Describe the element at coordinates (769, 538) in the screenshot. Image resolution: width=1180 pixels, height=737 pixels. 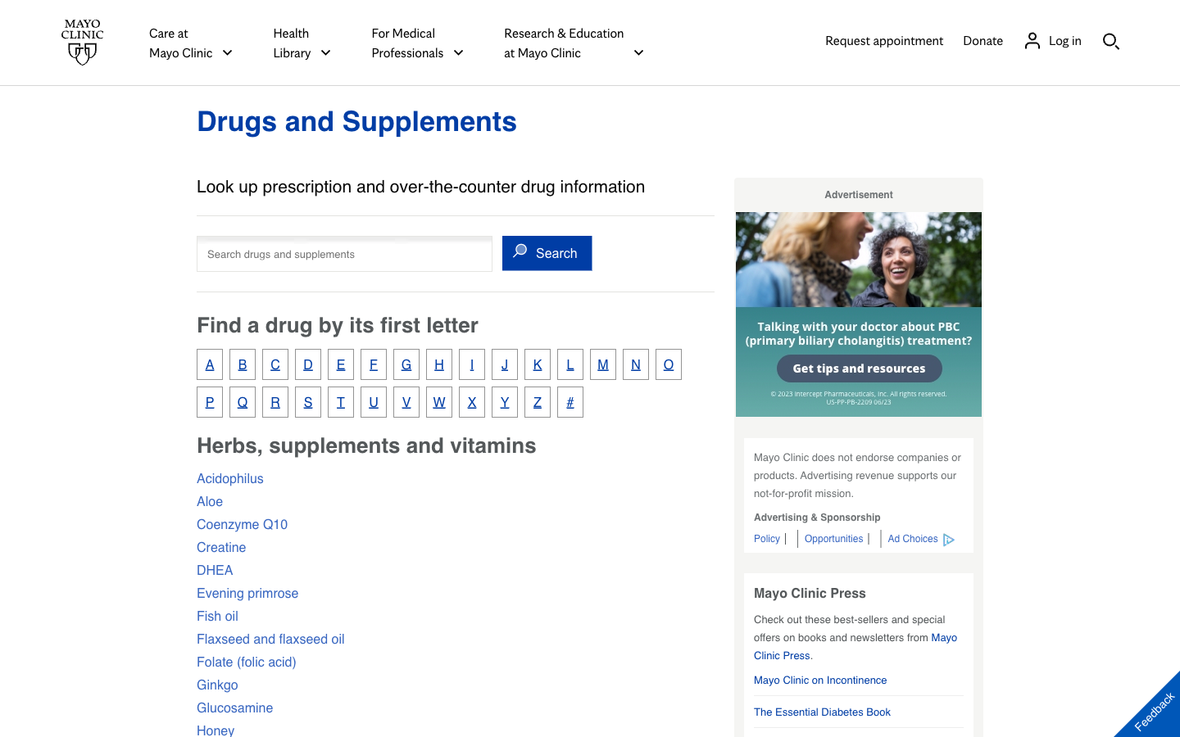
I see `MayoClinic’s policy` at that location.